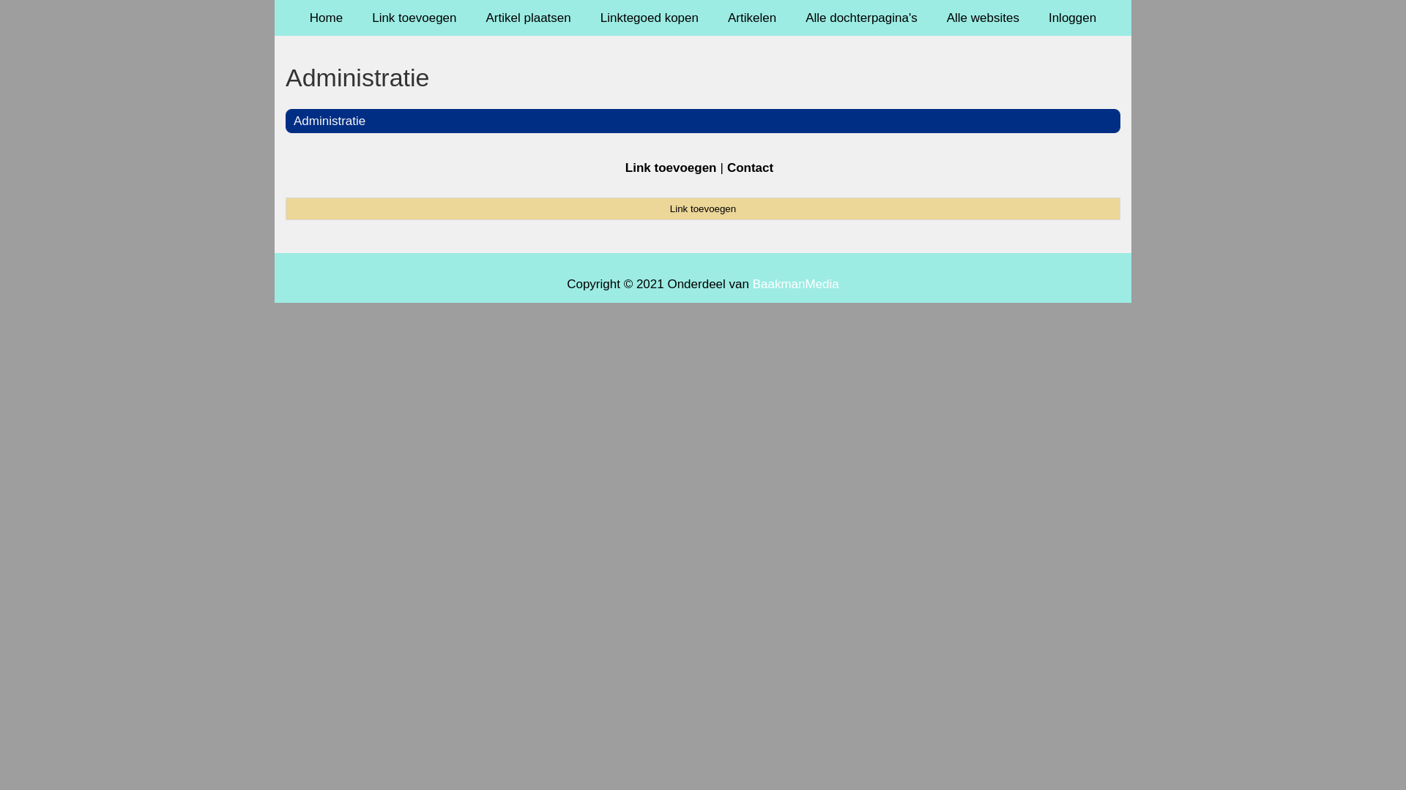 The image size is (1406, 790). I want to click on 'Alle dochterpagina's', so click(861, 18).